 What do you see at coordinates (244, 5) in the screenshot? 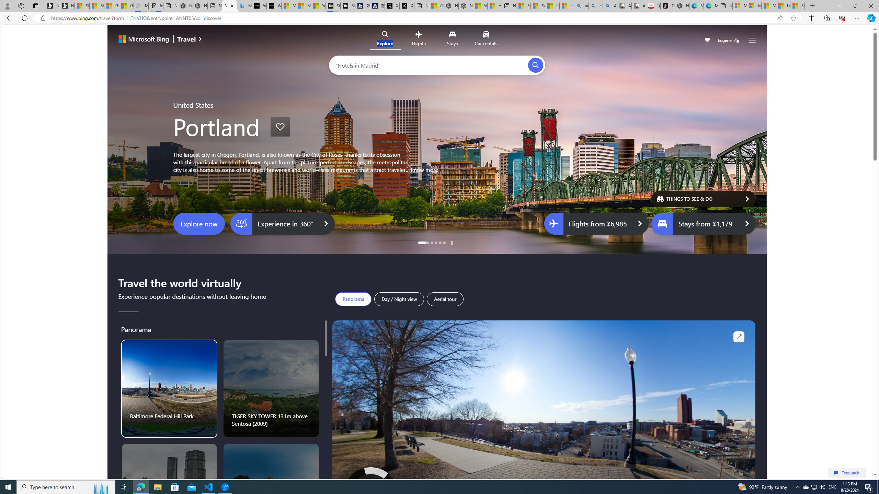
I see `'Microsoft Bing Travel - Shangri-La Hotel Bangkok'` at bounding box center [244, 5].